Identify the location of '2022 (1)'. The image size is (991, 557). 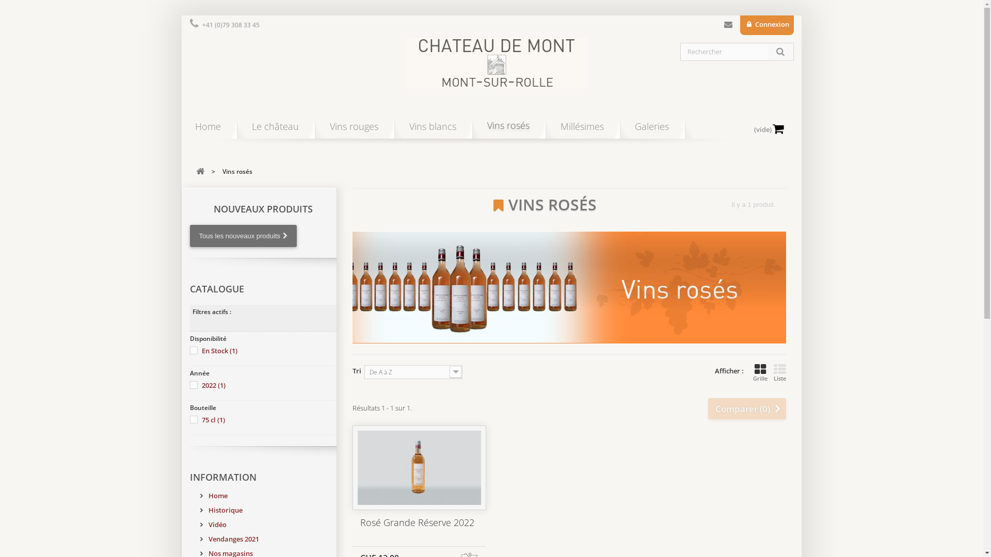
(212, 385).